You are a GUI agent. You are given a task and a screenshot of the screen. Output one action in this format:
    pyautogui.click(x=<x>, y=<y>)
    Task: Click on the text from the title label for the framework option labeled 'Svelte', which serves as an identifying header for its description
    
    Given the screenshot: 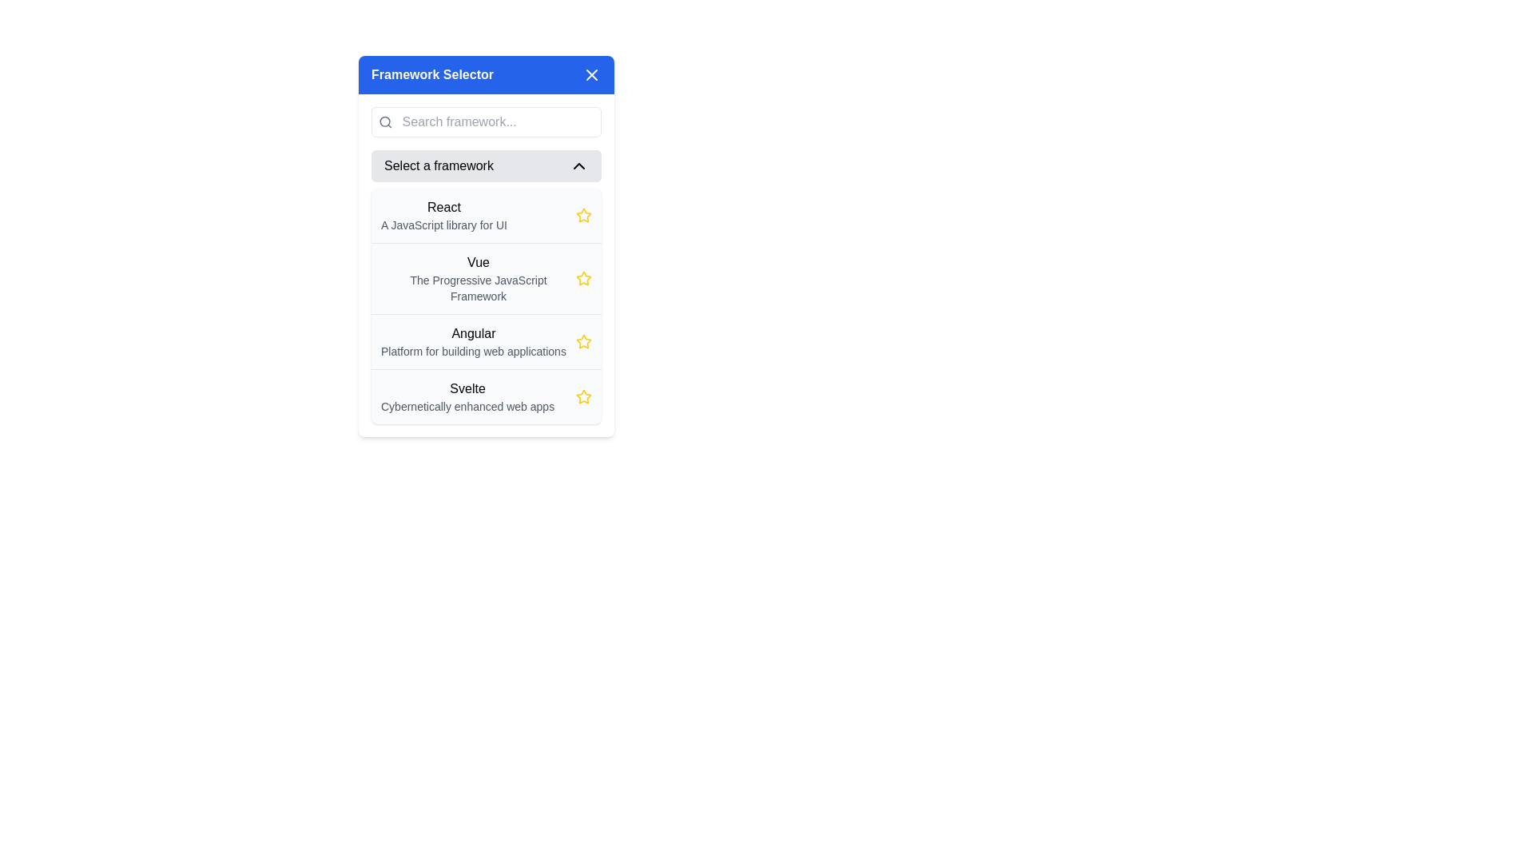 What is the action you would take?
    pyautogui.click(x=467, y=388)
    